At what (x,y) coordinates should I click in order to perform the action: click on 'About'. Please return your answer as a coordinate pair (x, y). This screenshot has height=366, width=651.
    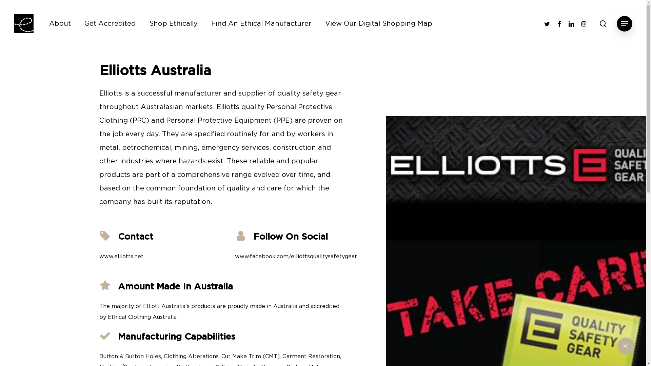
    Looking at the image, I should click on (48, 23).